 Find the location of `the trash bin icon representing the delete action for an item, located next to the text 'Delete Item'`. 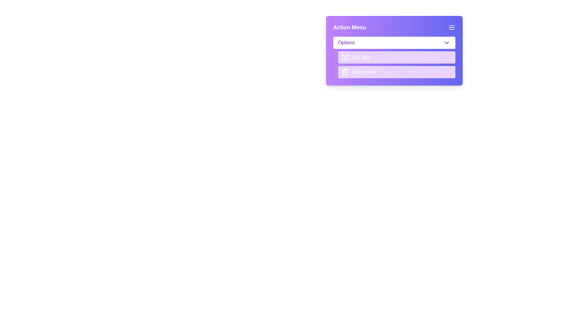

the trash bin icon representing the delete action for an item, located next to the text 'Delete Item' is located at coordinates (345, 71).